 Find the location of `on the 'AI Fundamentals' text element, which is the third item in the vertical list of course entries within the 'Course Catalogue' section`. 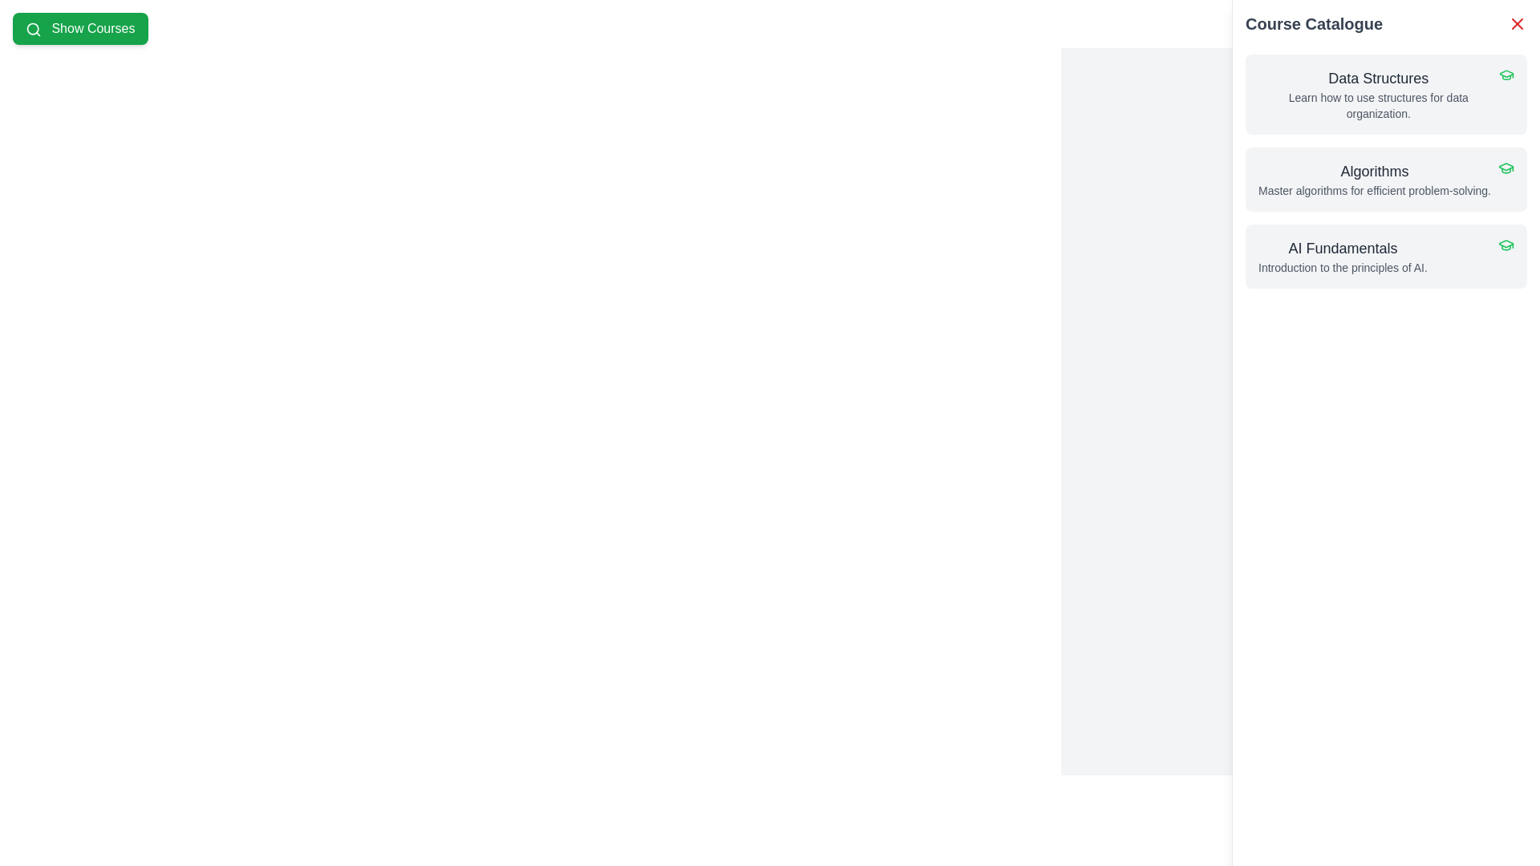

on the 'AI Fundamentals' text element, which is the third item in the vertical list of course entries within the 'Course Catalogue' section is located at coordinates (1343, 256).